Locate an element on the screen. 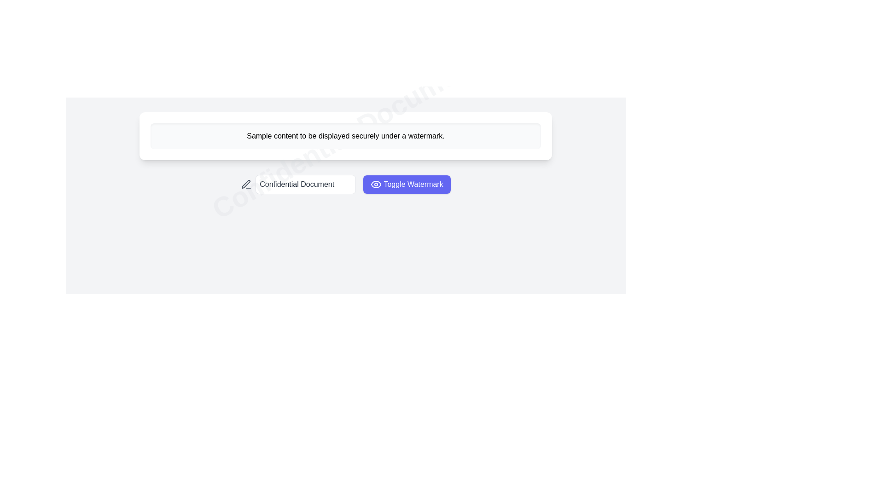 Image resolution: width=884 pixels, height=497 pixels. the centrally positioned static text display area that provides sensitive information, located above the 'Confidential Document' input box and 'Toggle Watermark' button is located at coordinates (345, 136).